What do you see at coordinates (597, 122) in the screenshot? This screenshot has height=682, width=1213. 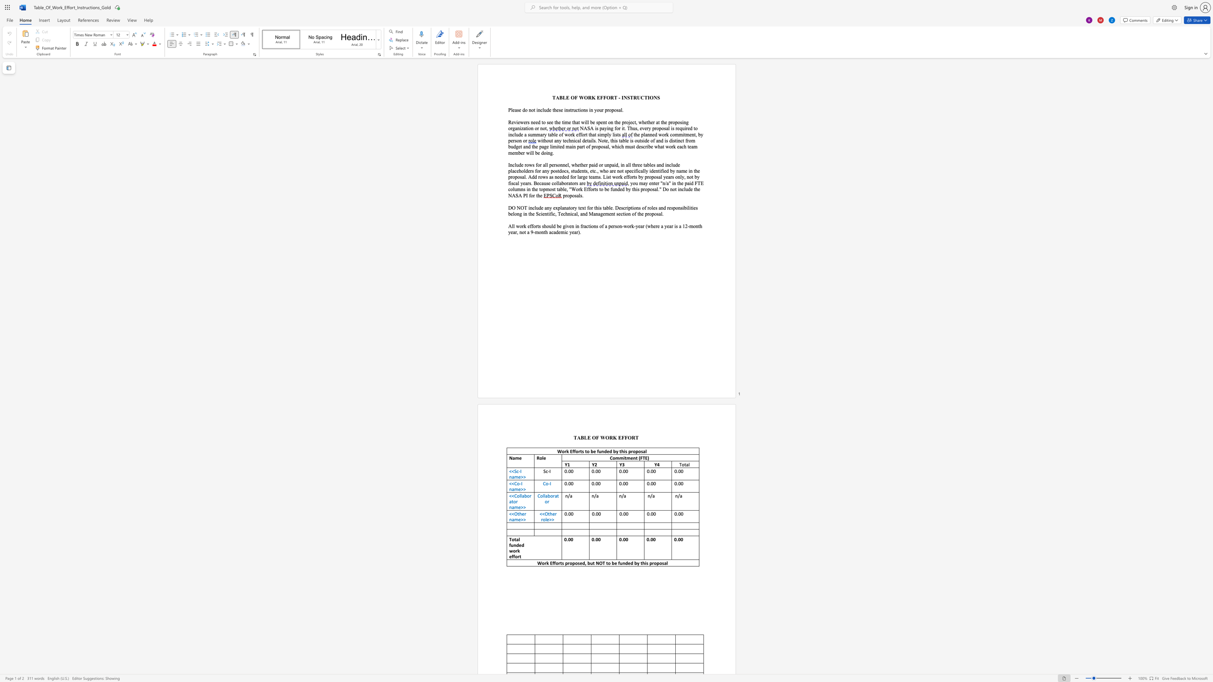 I see `the 3th character "s" in the text` at bounding box center [597, 122].